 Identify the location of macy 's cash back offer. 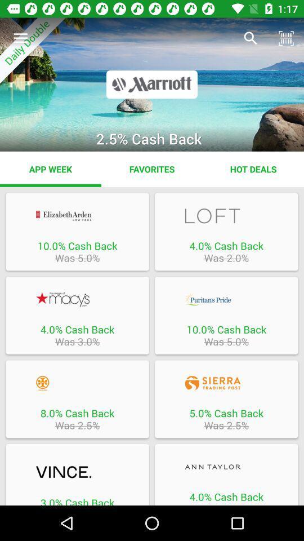
(77, 299).